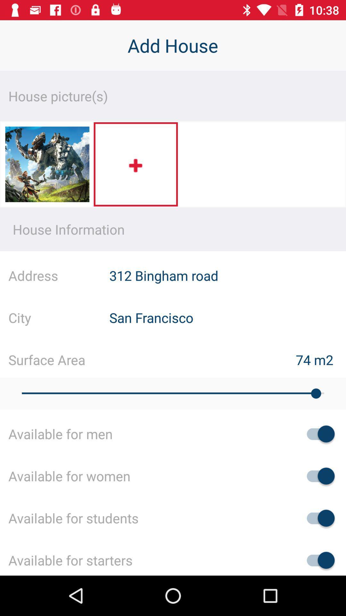  I want to click on the san francisco, so click(227, 317).